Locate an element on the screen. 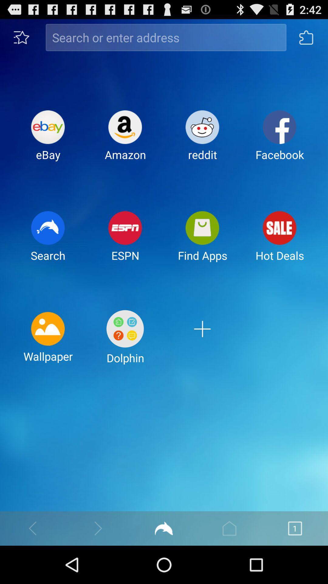 This screenshot has height=584, width=328. the icon above search item is located at coordinates (48, 140).